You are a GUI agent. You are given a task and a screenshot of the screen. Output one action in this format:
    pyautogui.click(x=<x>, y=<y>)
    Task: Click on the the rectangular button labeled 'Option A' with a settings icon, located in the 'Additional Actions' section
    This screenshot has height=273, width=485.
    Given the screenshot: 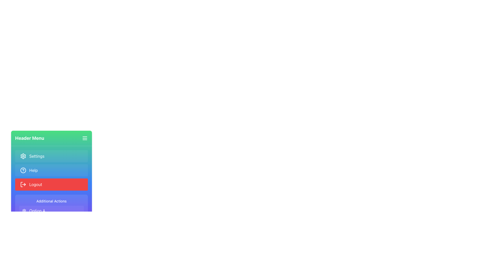 What is the action you would take?
    pyautogui.click(x=51, y=211)
    